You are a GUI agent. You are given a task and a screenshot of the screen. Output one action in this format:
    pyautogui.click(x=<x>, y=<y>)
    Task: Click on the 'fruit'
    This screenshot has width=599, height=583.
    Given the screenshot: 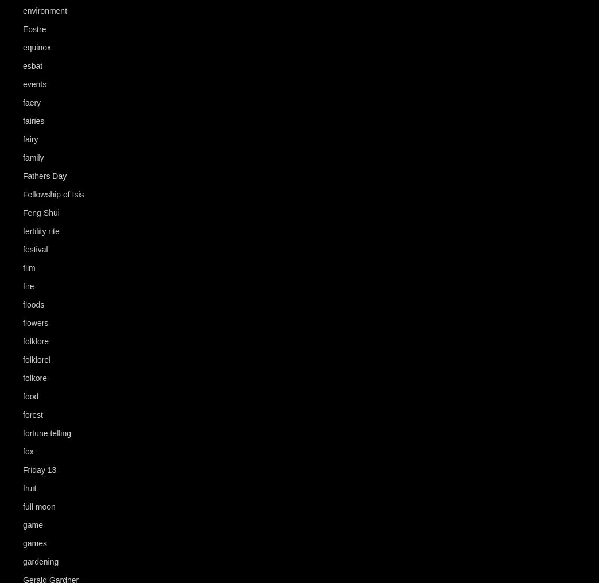 What is the action you would take?
    pyautogui.click(x=29, y=488)
    